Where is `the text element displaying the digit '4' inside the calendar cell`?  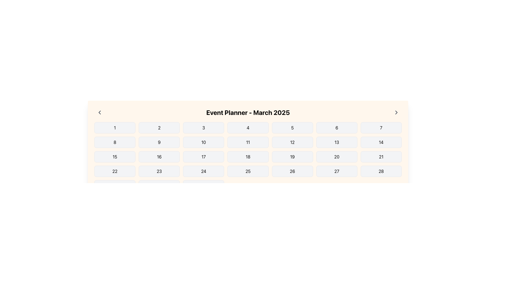 the text element displaying the digit '4' inside the calendar cell is located at coordinates (248, 128).